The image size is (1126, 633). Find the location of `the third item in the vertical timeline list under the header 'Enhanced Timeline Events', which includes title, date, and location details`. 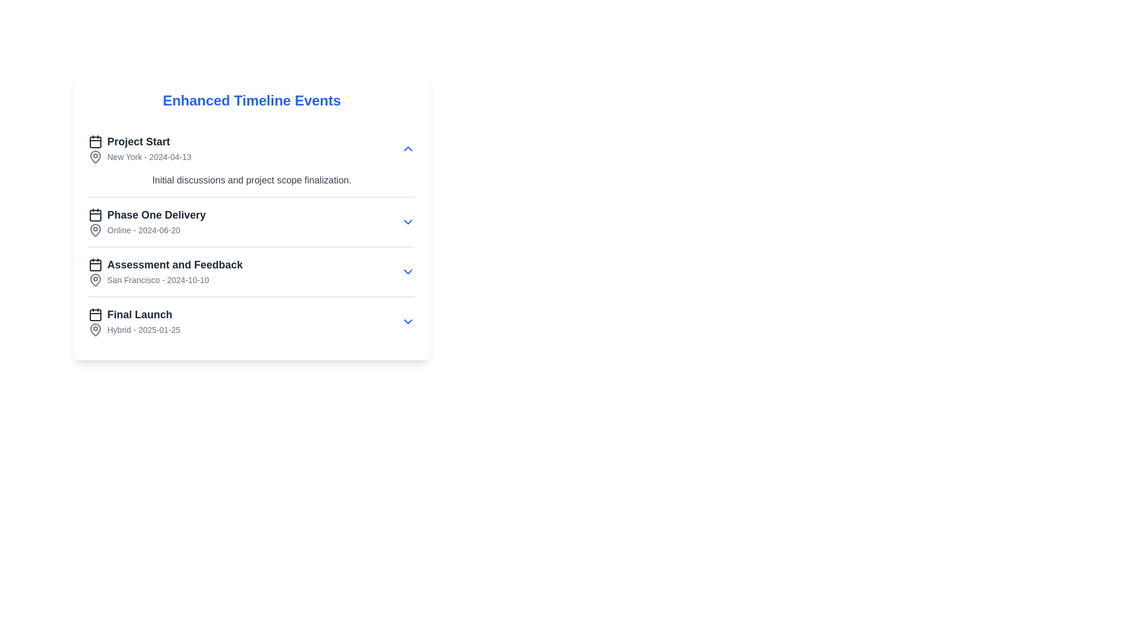

the third item in the vertical timeline list under the header 'Enhanced Timeline Events', which includes title, date, and location details is located at coordinates (165, 271).